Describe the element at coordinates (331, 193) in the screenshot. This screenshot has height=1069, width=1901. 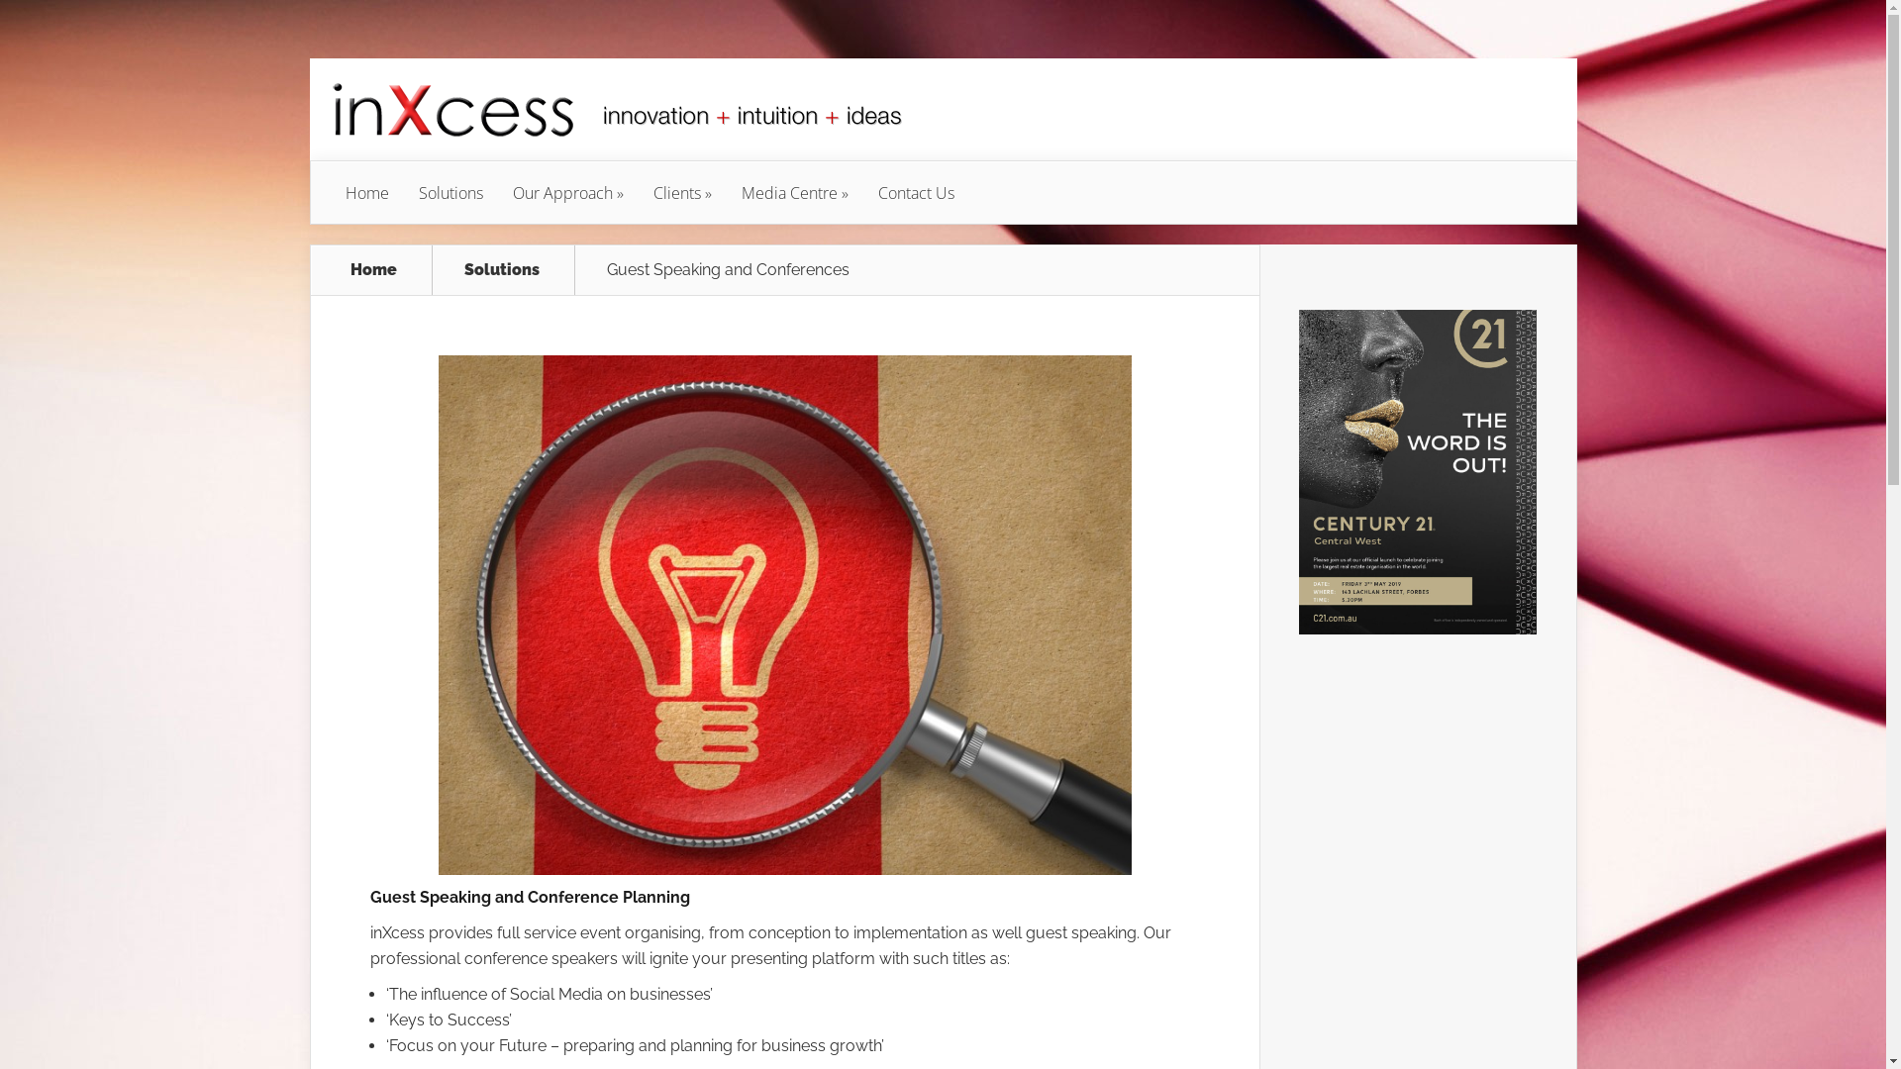
I see `'Home'` at that location.